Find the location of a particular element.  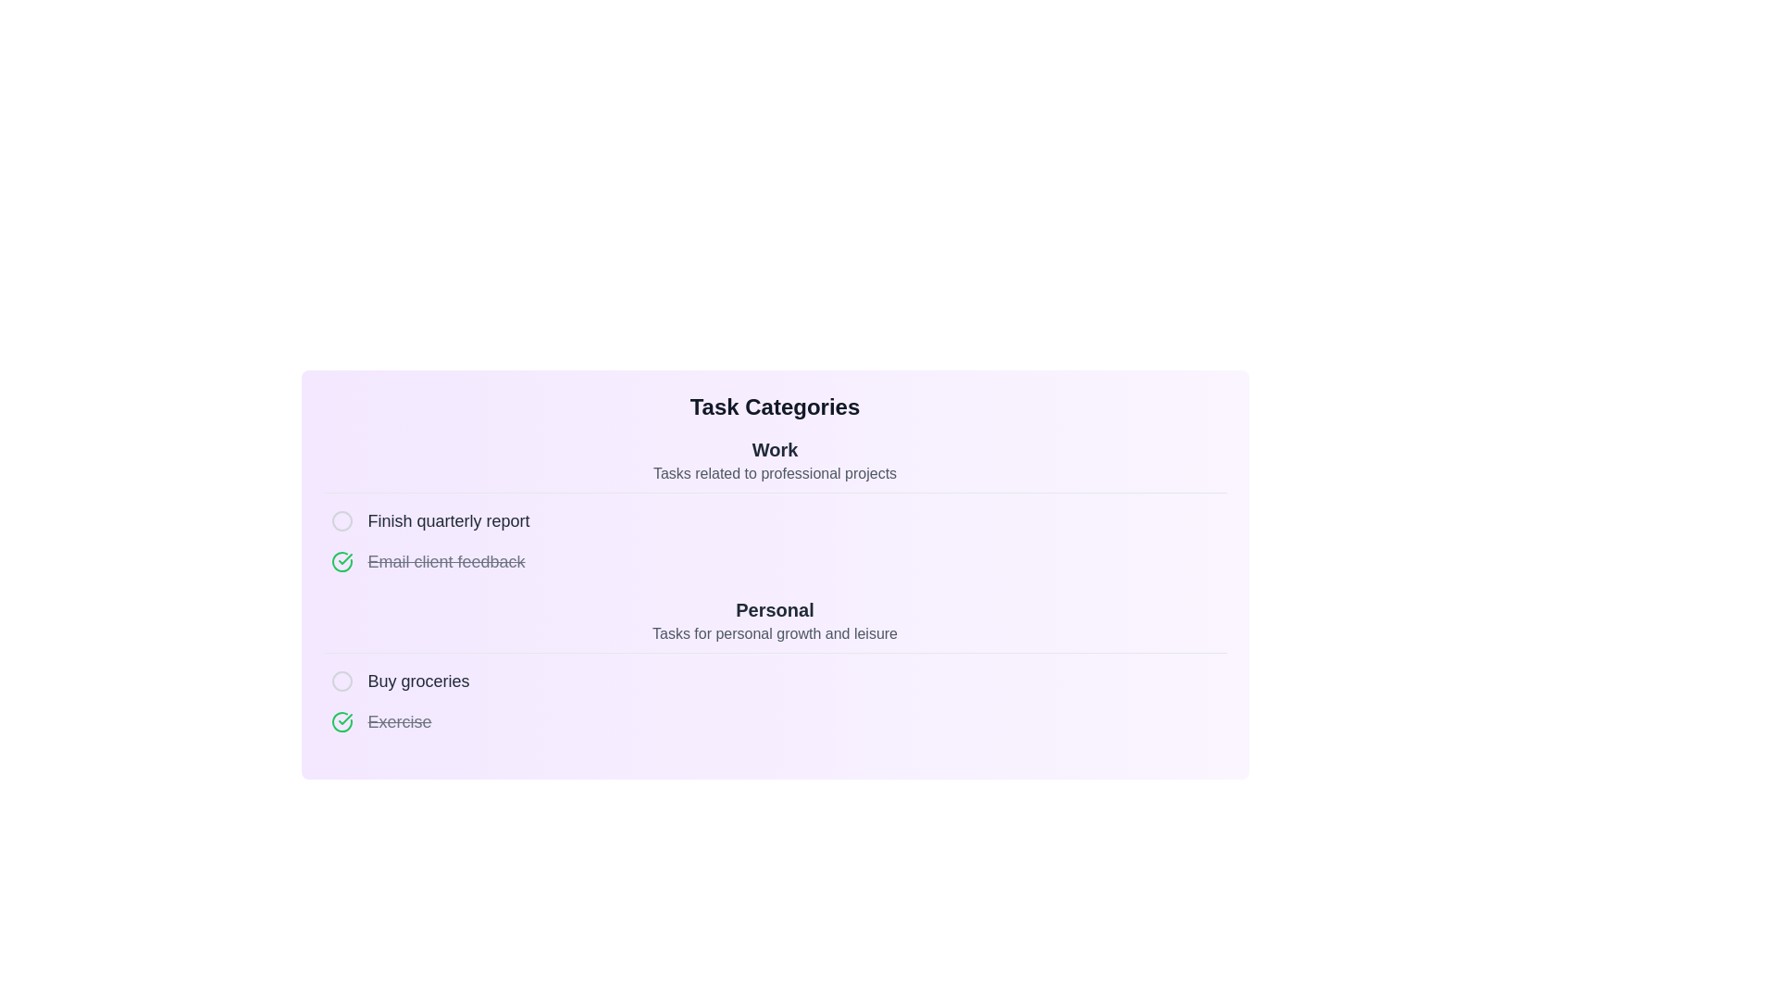

the Section Header labeled 'Personal' which contains the title 'Personal' and subtitle 'Tasks for personal growth and leisure' is located at coordinates (775, 625).